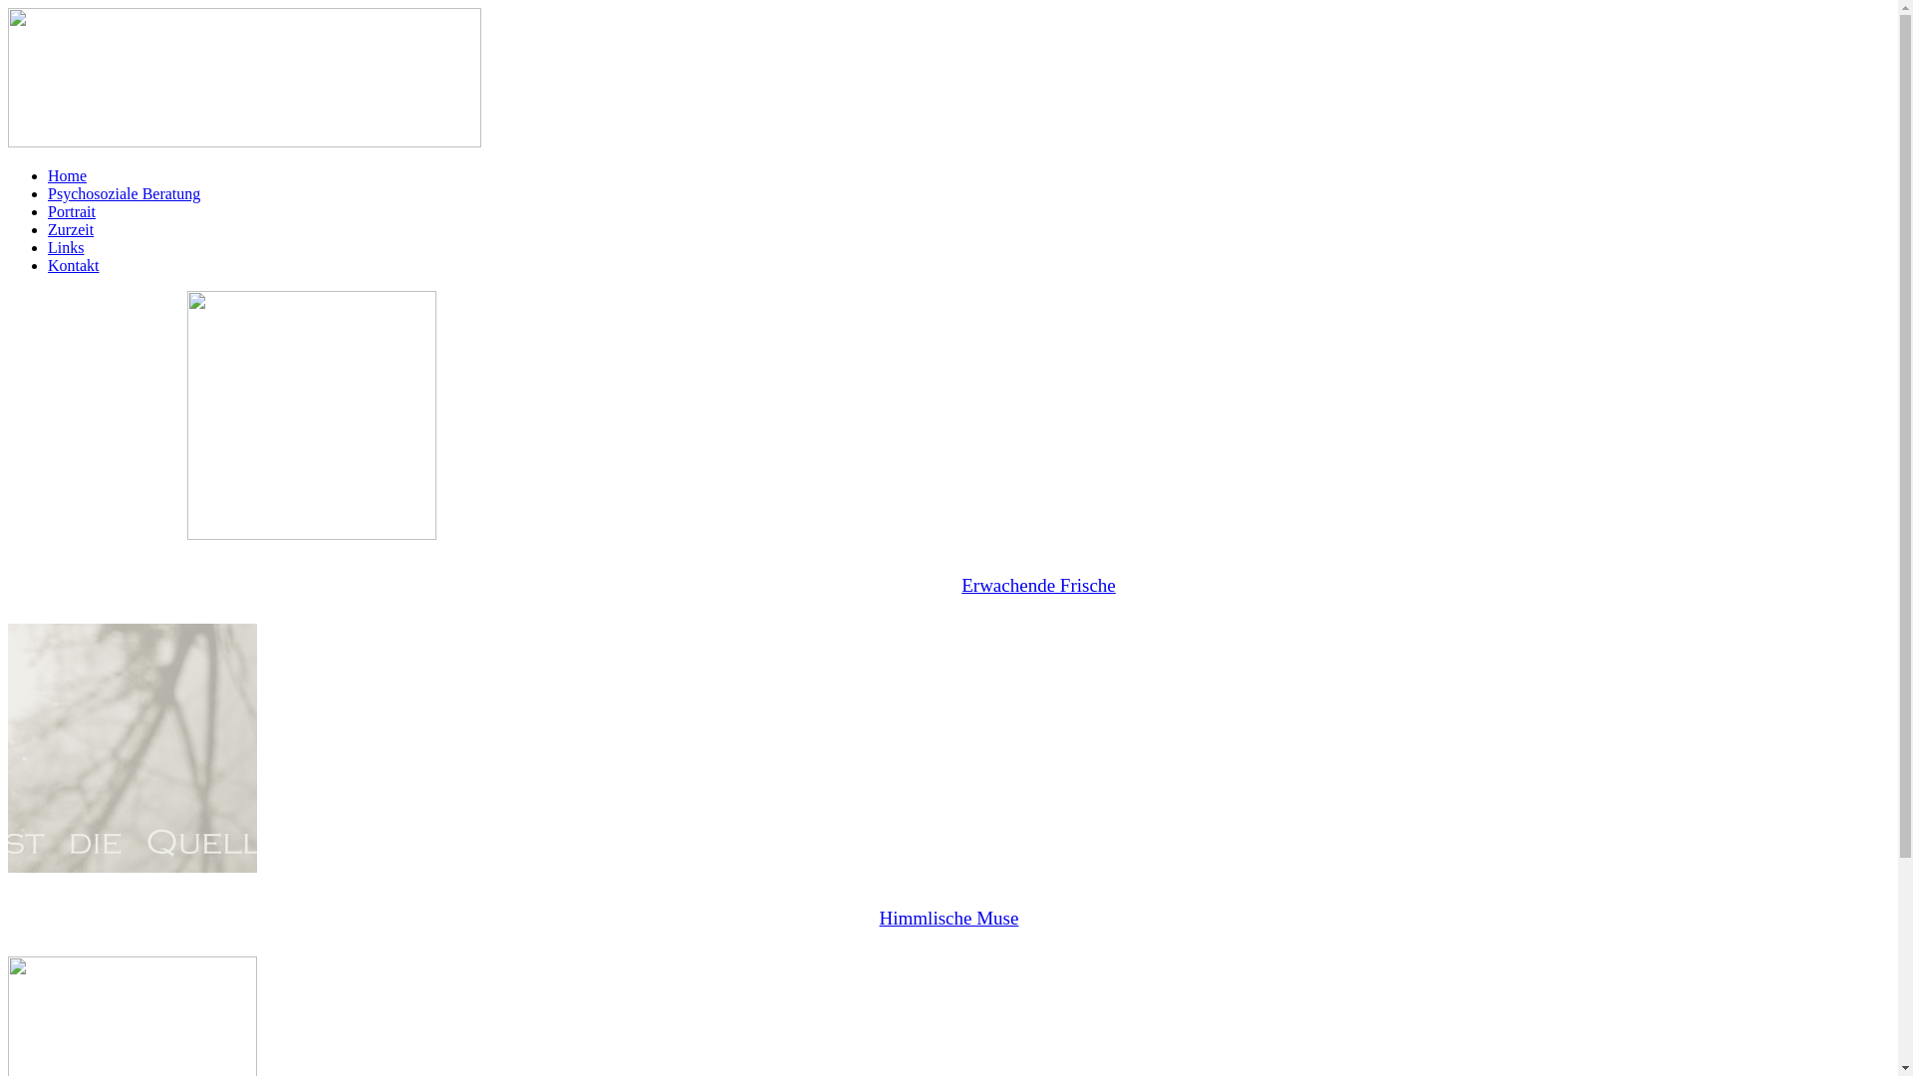  What do you see at coordinates (67, 174) in the screenshot?
I see `'Home'` at bounding box center [67, 174].